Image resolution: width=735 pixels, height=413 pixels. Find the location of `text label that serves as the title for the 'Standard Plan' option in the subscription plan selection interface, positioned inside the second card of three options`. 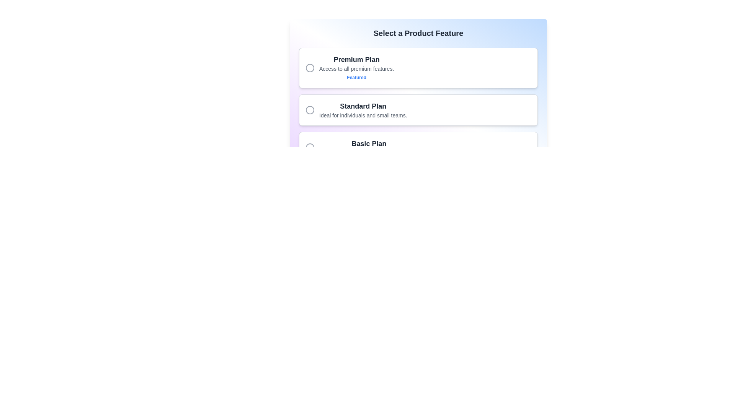

text label that serves as the title for the 'Standard Plan' option in the subscription plan selection interface, positioned inside the second card of three options is located at coordinates (363, 106).